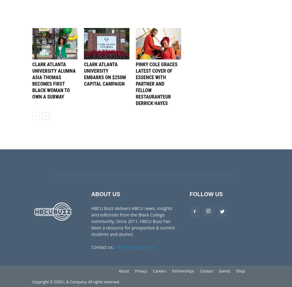 This screenshot has width=292, height=287. What do you see at coordinates (102, 247) in the screenshot?
I see `'Contact us:'` at bounding box center [102, 247].